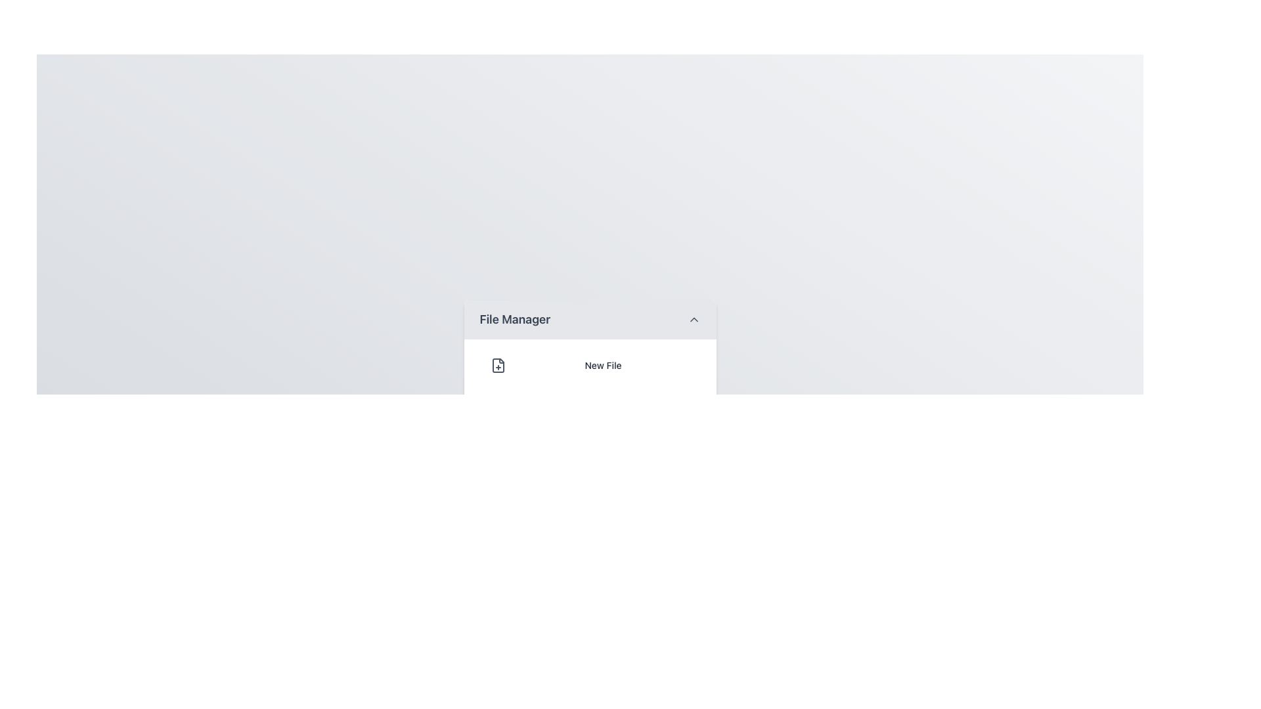 Image resolution: width=1261 pixels, height=709 pixels. I want to click on the chevron-up icon located at the top-right corner of the 'File Manager' header to change its color to a darker gray, so click(693, 319).